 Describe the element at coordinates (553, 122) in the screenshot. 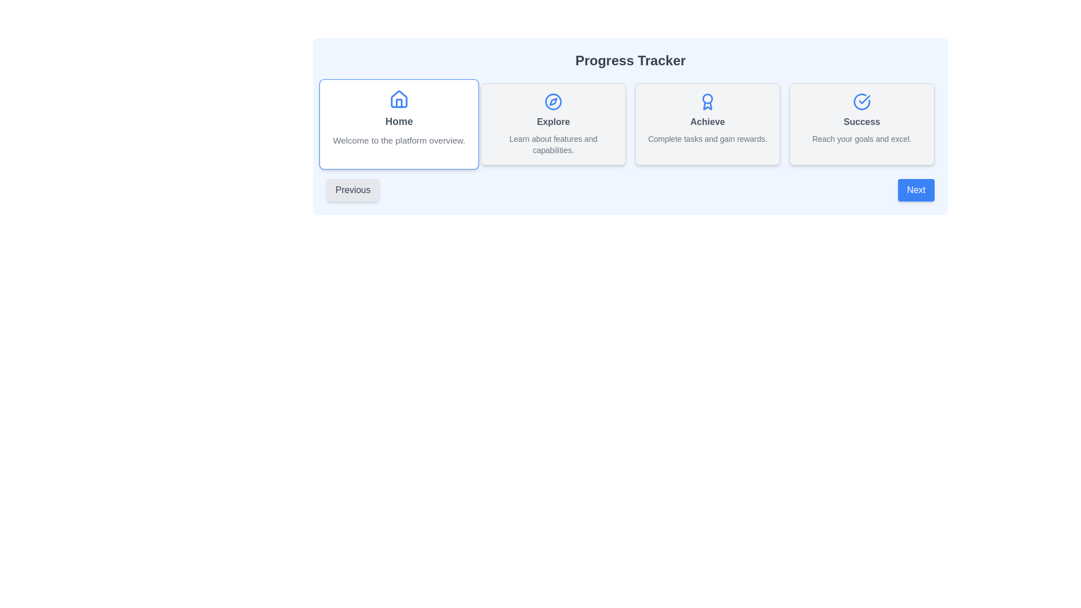

I see `the bold text label located centrally within the second card from the left, which is positioned below a small icon and above descriptive text, to understand its purpose for navigation` at that location.